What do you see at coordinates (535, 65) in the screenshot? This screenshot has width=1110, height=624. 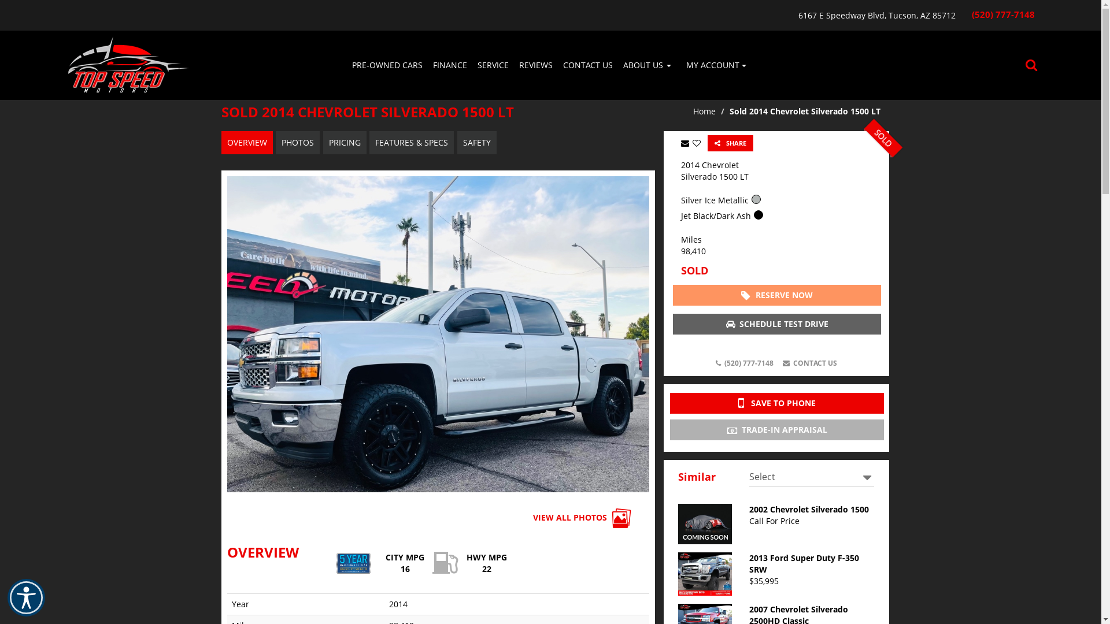 I see `'REVIEWS'` at bounding box center [535, 65].